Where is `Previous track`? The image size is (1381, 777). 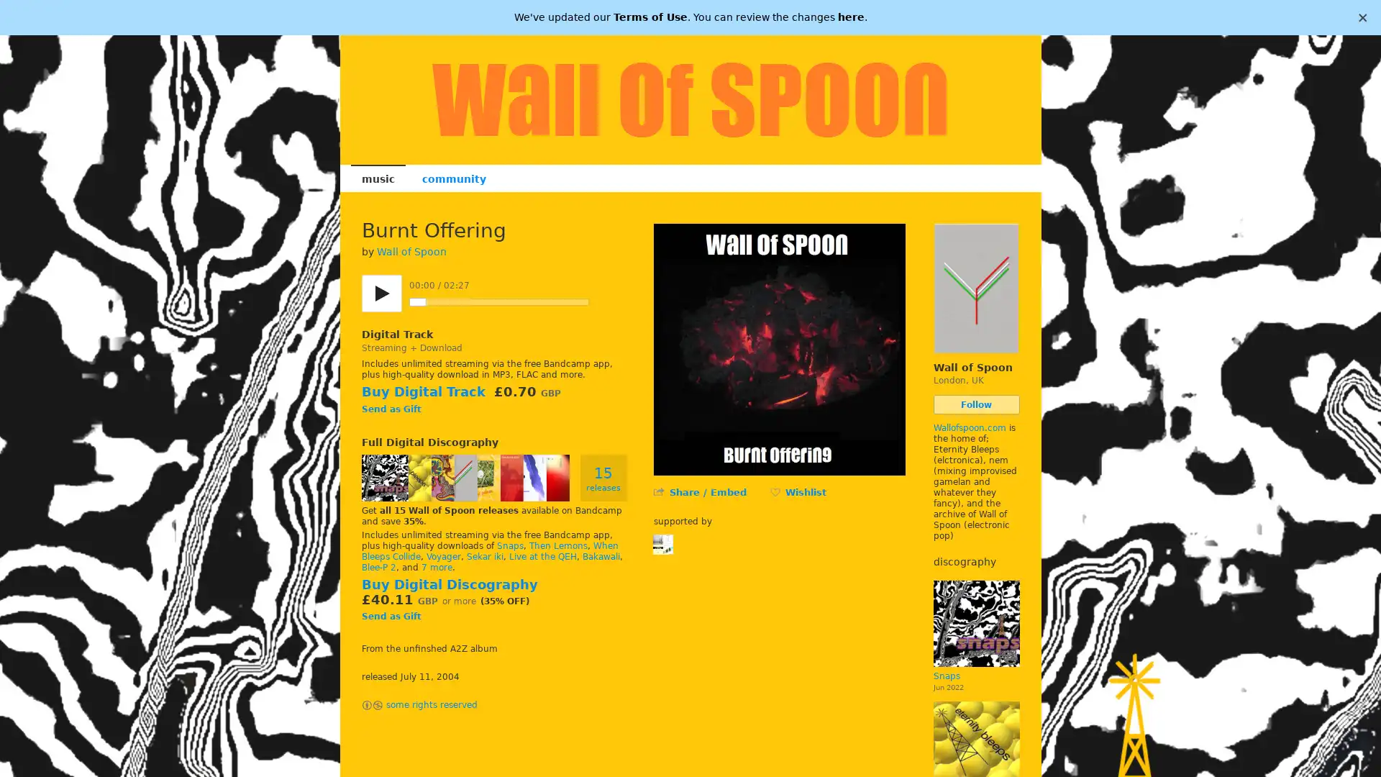
Previous track is located at coordinates (603, 301).